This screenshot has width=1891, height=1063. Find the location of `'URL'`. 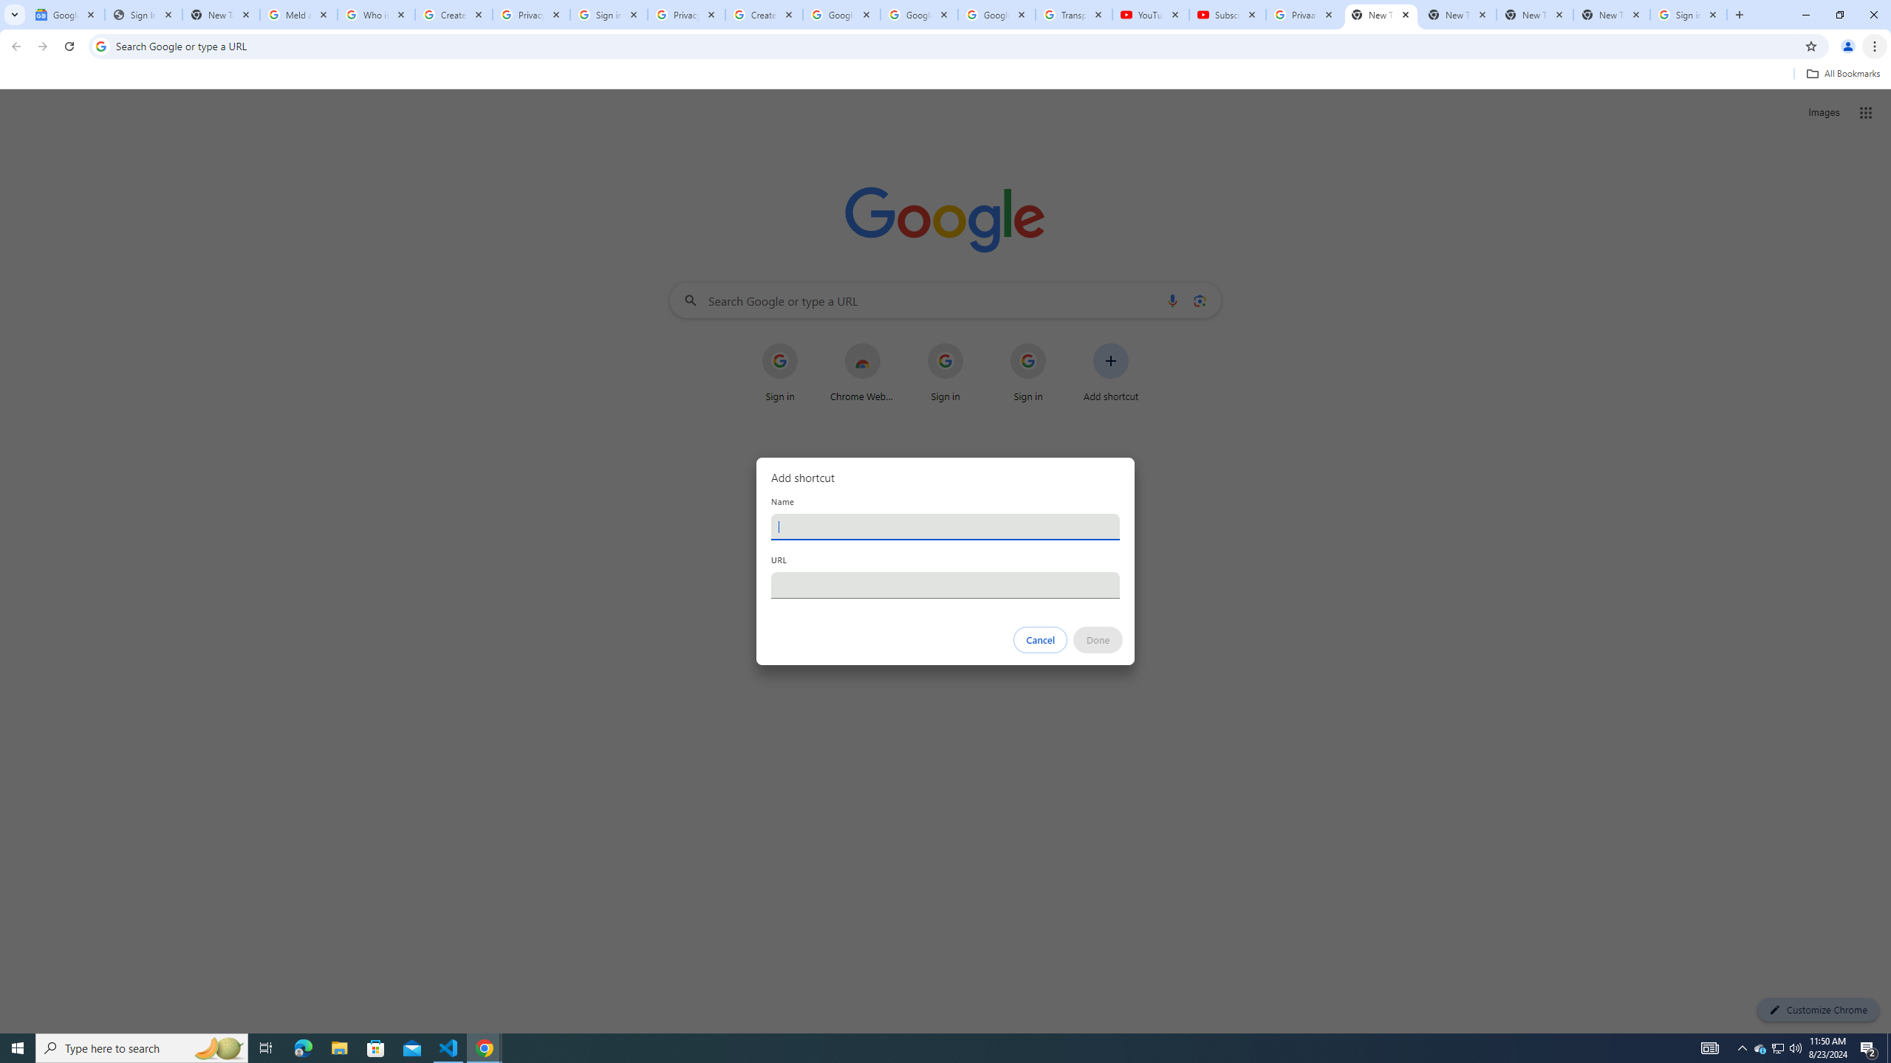

'URL' is located at coordinates (945, 585).